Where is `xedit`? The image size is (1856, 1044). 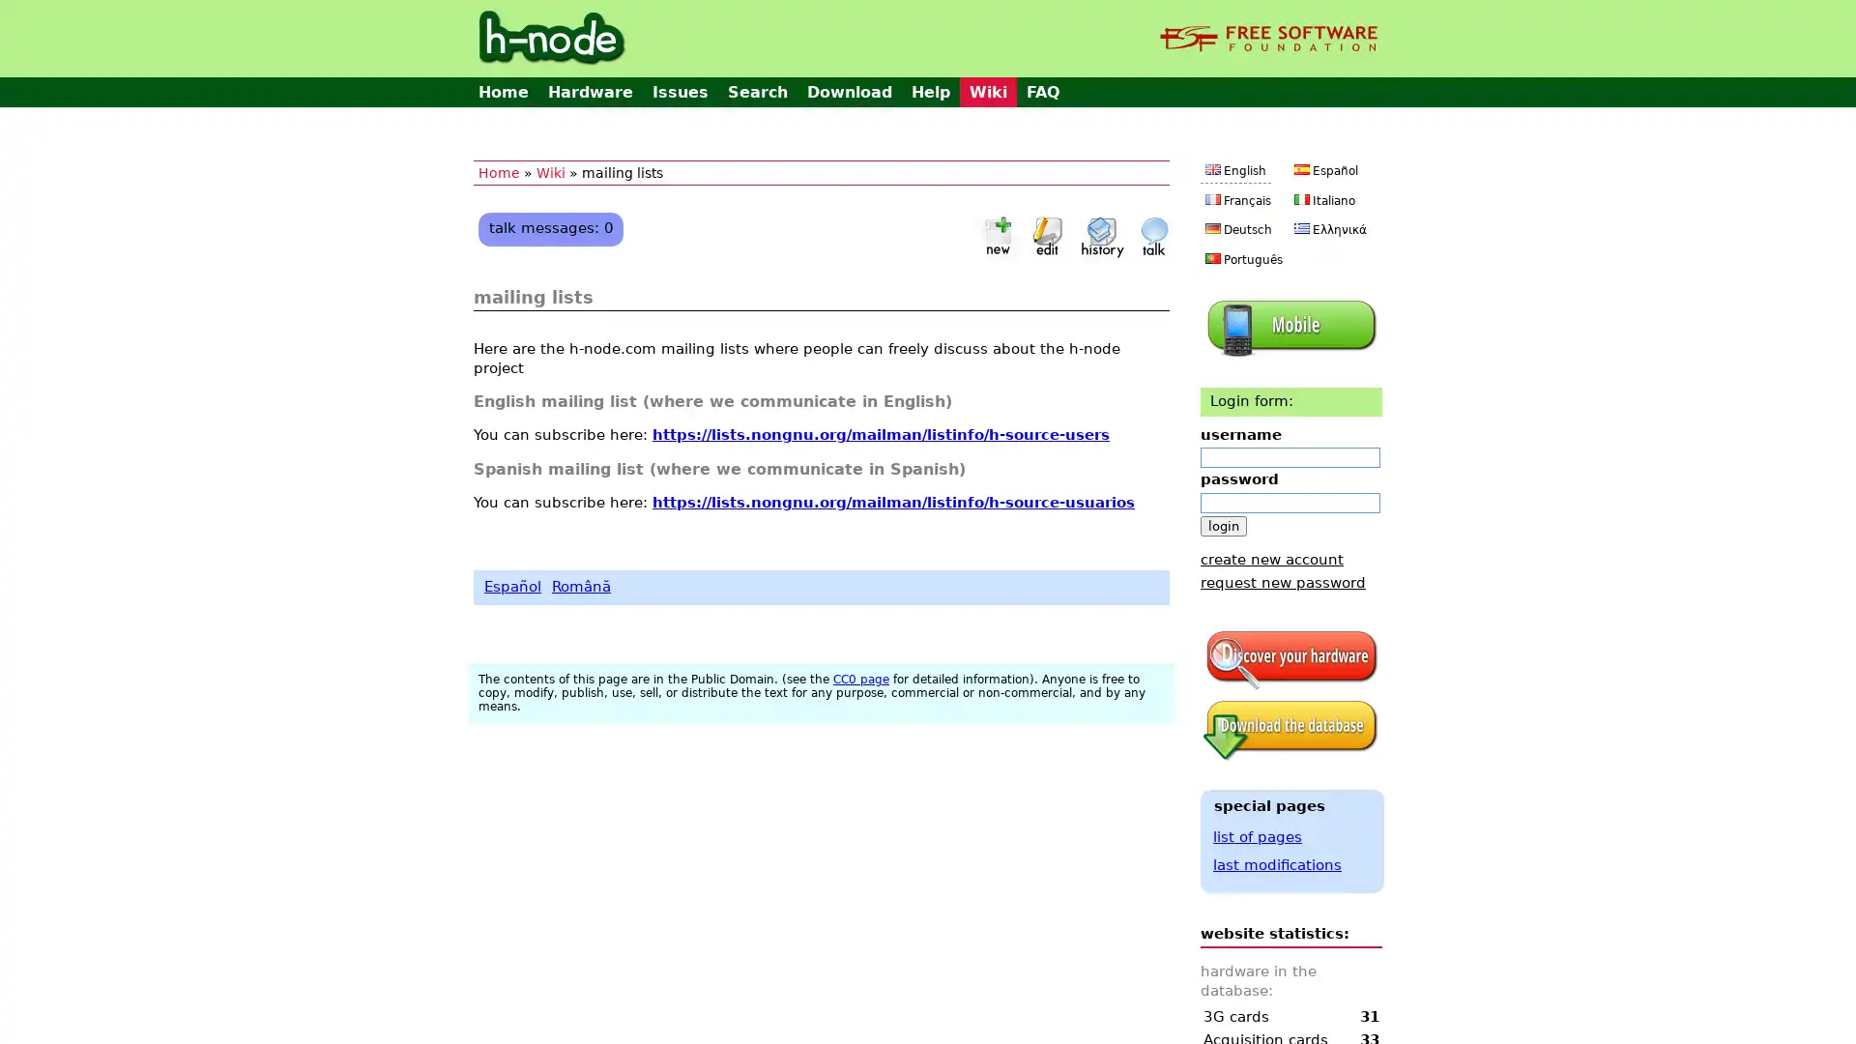 xedit is located at coordinates (1047, 235).